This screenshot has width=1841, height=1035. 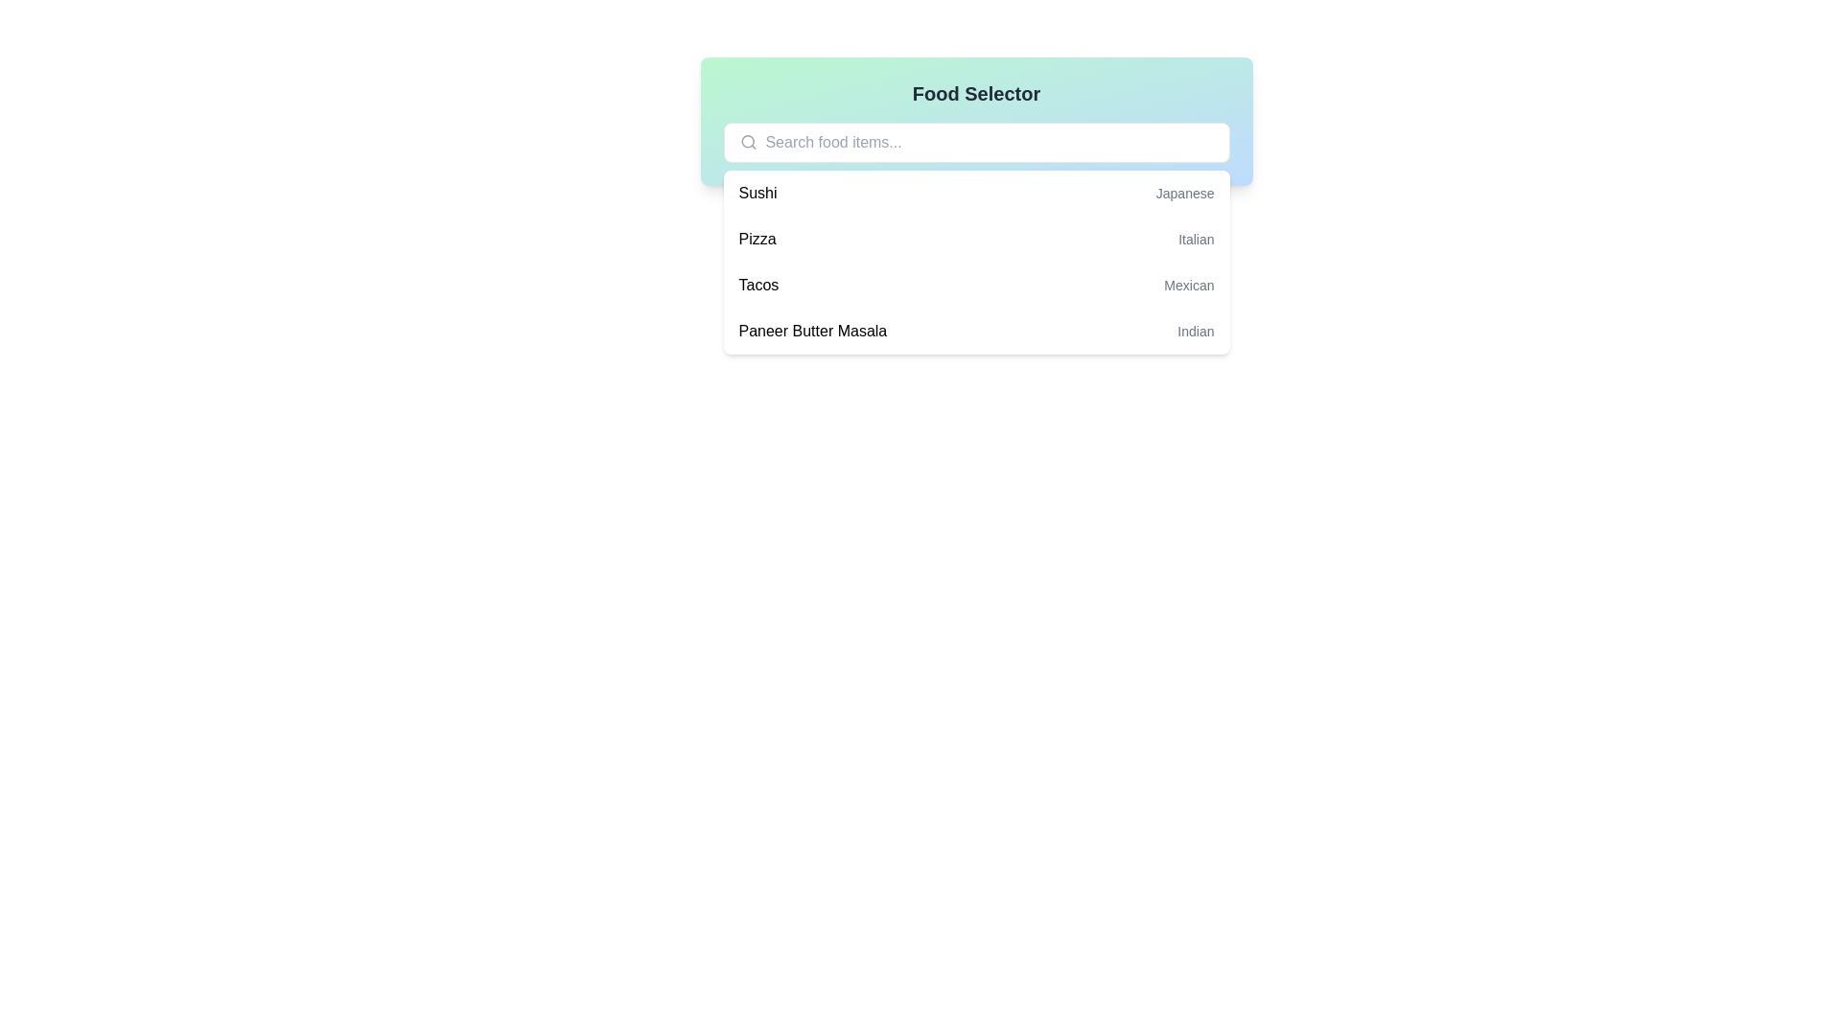 What do you see at coordinates (757, 239) in the screenshot?
I see `the text 'Pizza' in the second item of the dropdown list under the heading 'Food Selector'` at bounding box center [757, 239].